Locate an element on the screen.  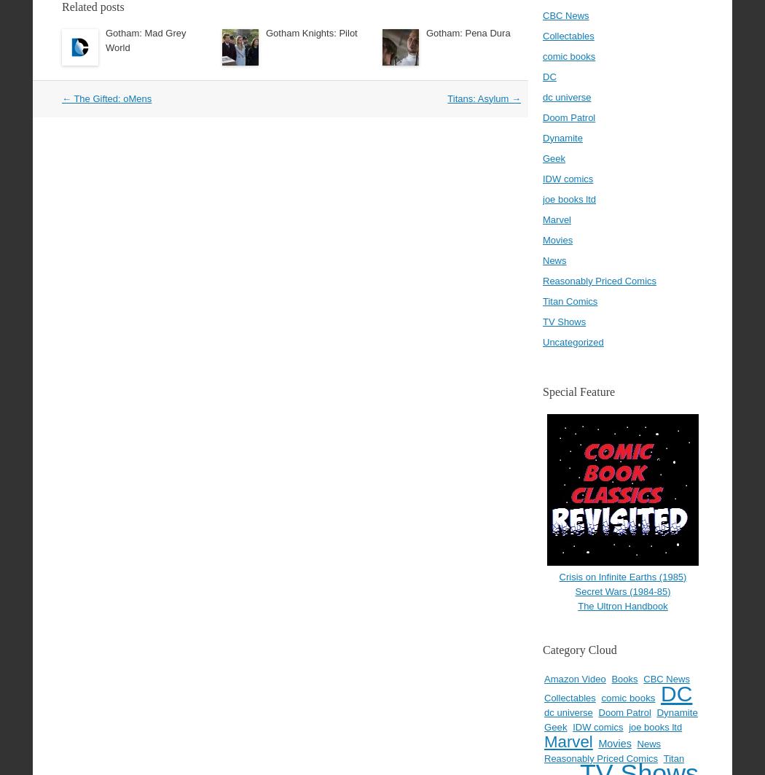
'Titan Comics' is located at coordinates (541, 300).